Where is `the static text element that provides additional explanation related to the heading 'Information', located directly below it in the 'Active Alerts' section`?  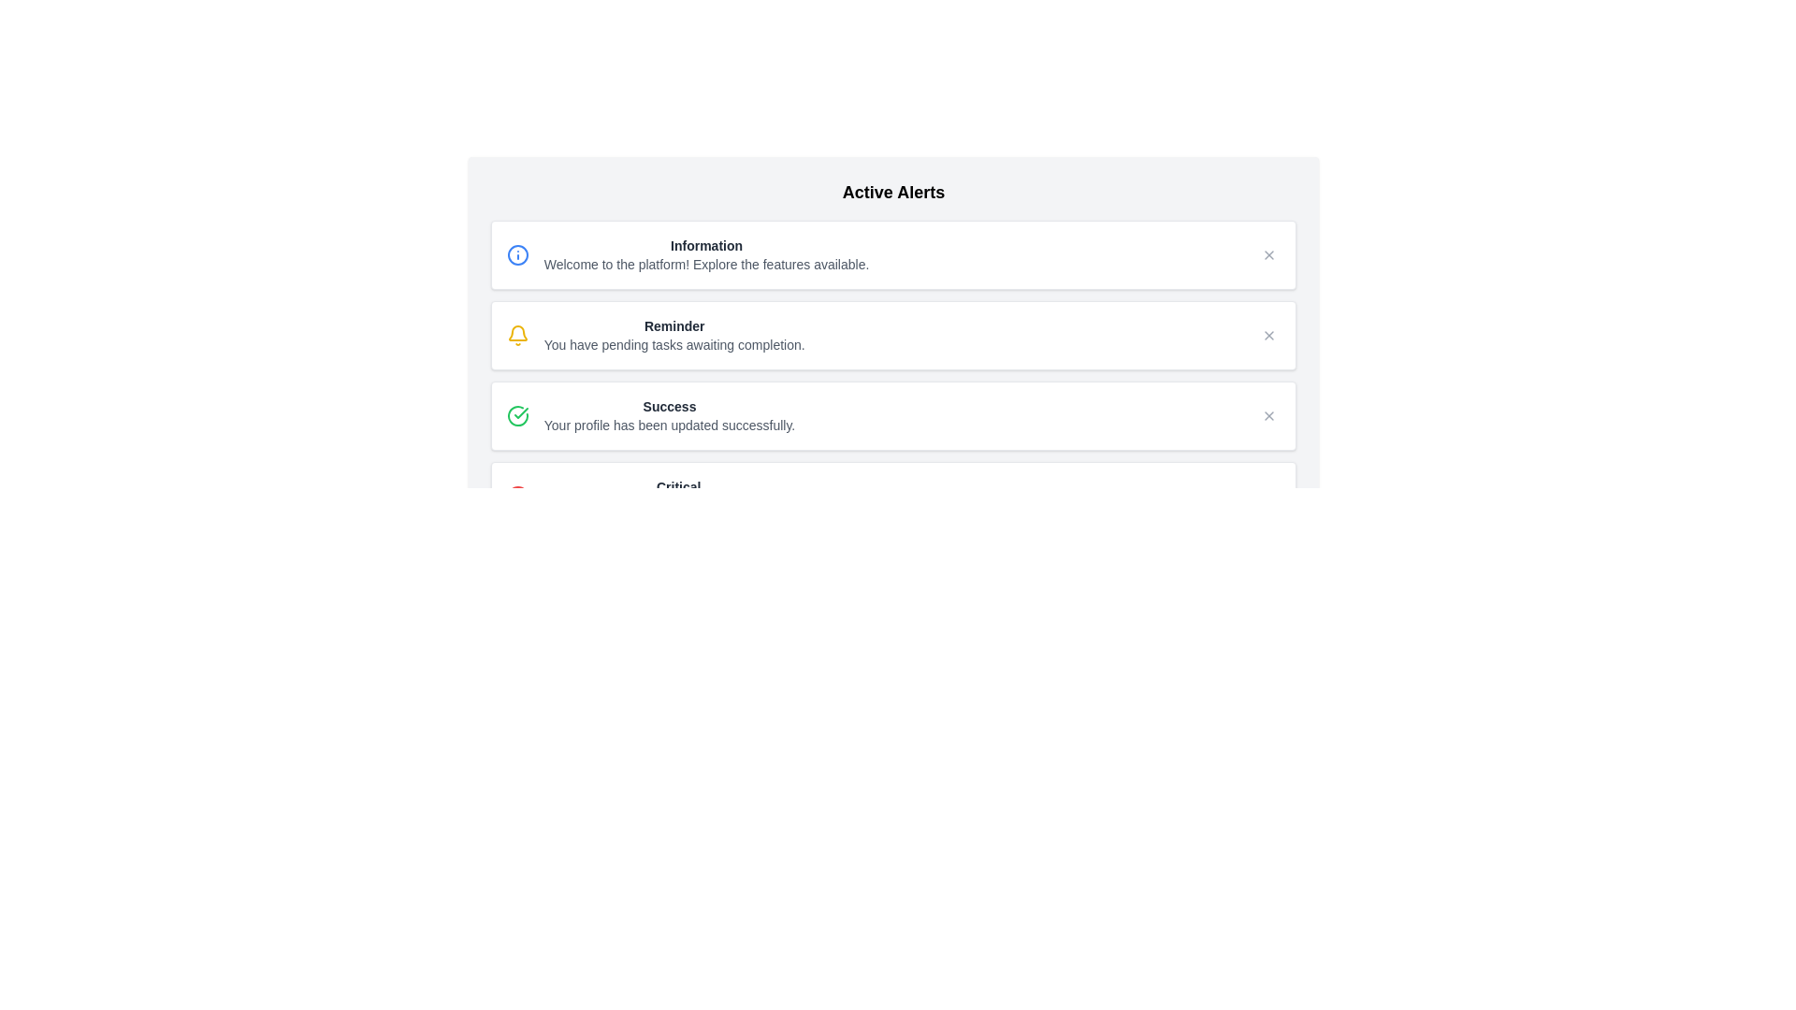 the static text element that provides additional explanation related to the heading 'Information', located directly below it in the 'Active Alerts' section is located at coordinates (705, 264).